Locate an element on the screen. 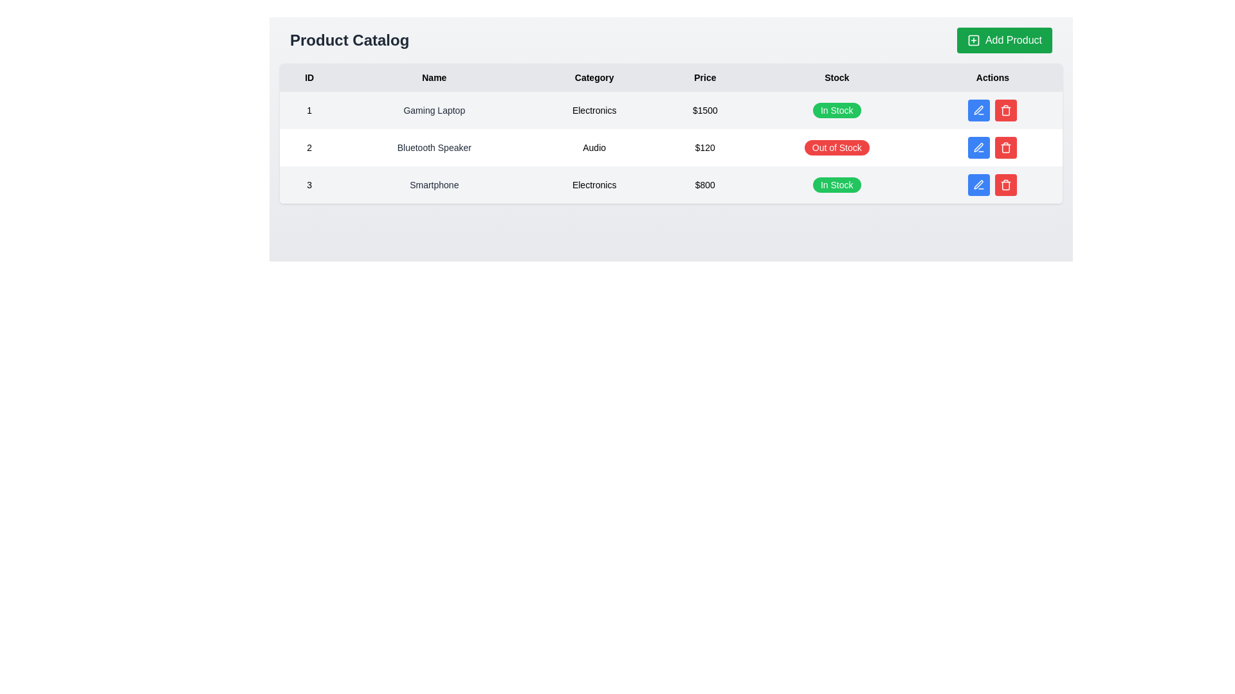 The width and height of the screenshot is (1235, 694). the trash icon button with a red circular background in the 'Actions' column of the second row is located at coordinates (1005, 147).